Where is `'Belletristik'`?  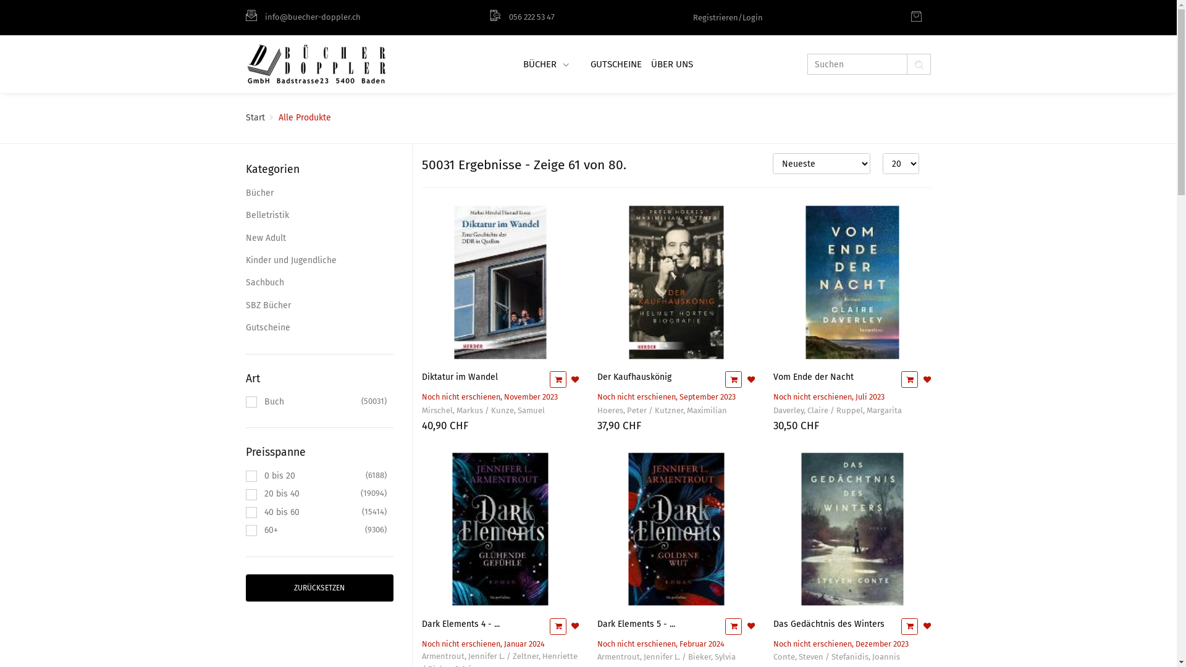 'Belletristik' is located at coordinates (246, 214).